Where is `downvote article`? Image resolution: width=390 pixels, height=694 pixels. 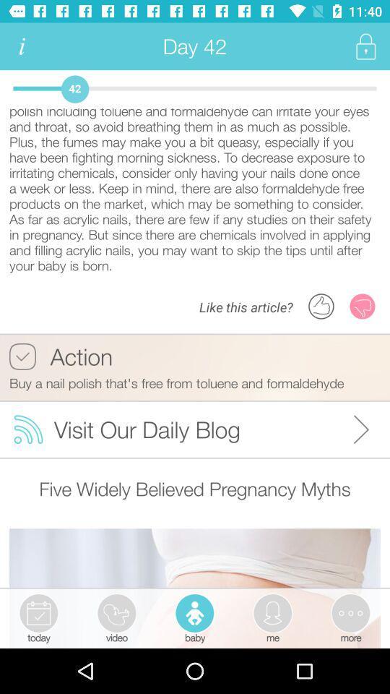
downvote article is located at coordinates (362, 306).